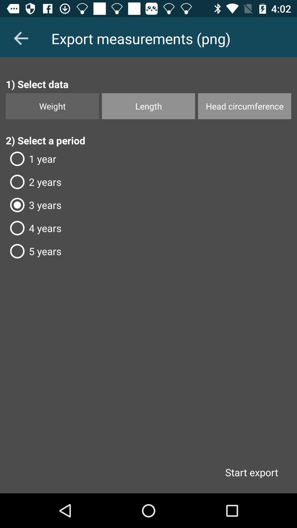  Describe the element at coordinates (148, 228) in the screenshot. I see `the 4 years item` at that location.